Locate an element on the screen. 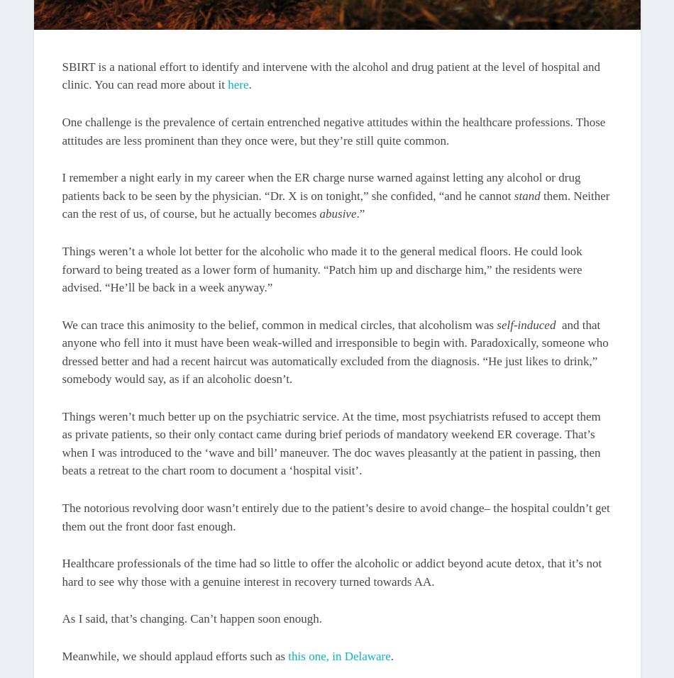 This screenshot has height=678, width=674. 'Things weren’t a whole lot better for the alcoholic who made it to the general medical floors. He could look forward to being treated as a lower form of humanity. “Patch him up and discharge him,” the residents were advised. “He’ll be back in a week anyway.”' is located at coordinates (321, 269).